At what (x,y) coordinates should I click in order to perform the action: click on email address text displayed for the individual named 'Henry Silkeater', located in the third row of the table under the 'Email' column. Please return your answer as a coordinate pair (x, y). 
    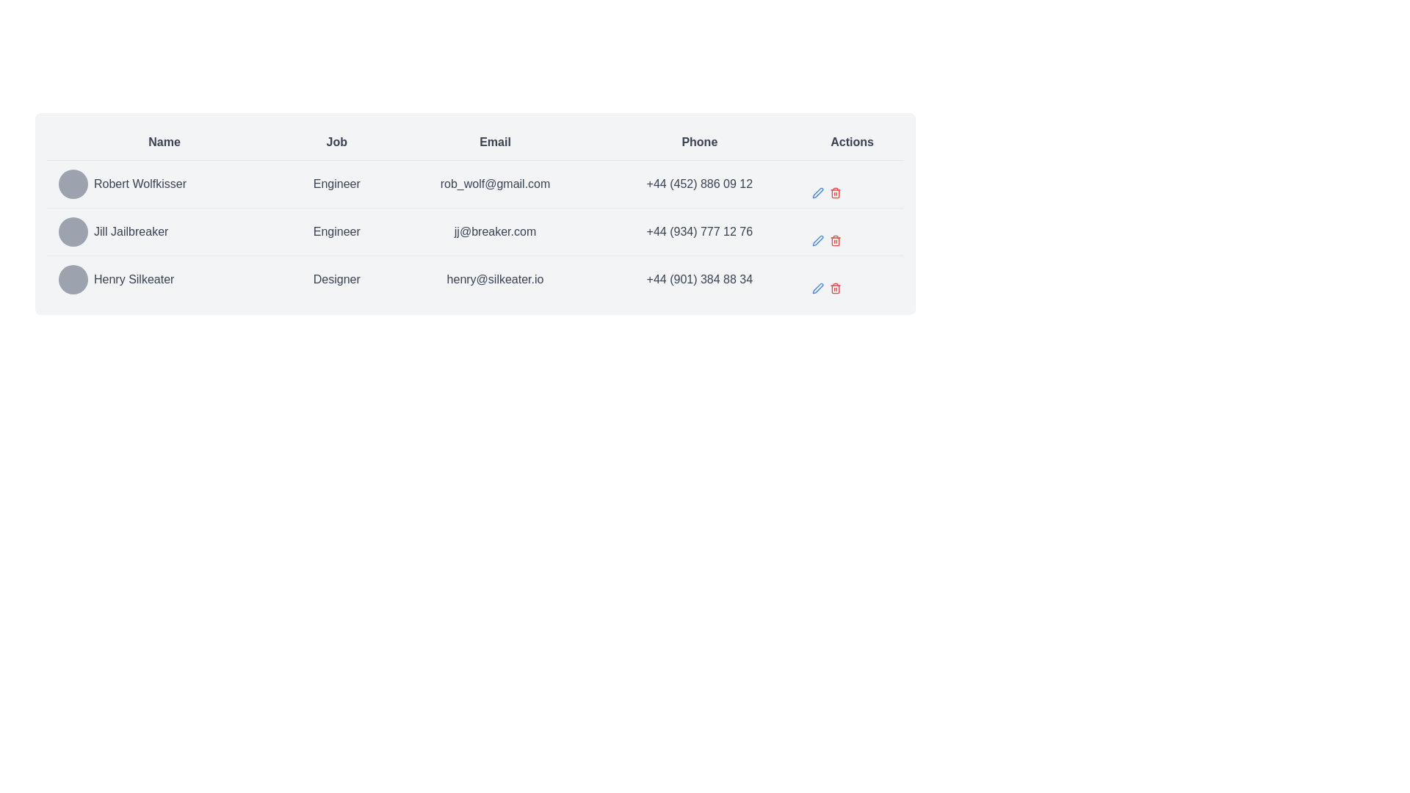
    Looking at the image, I should click on (495, 279).